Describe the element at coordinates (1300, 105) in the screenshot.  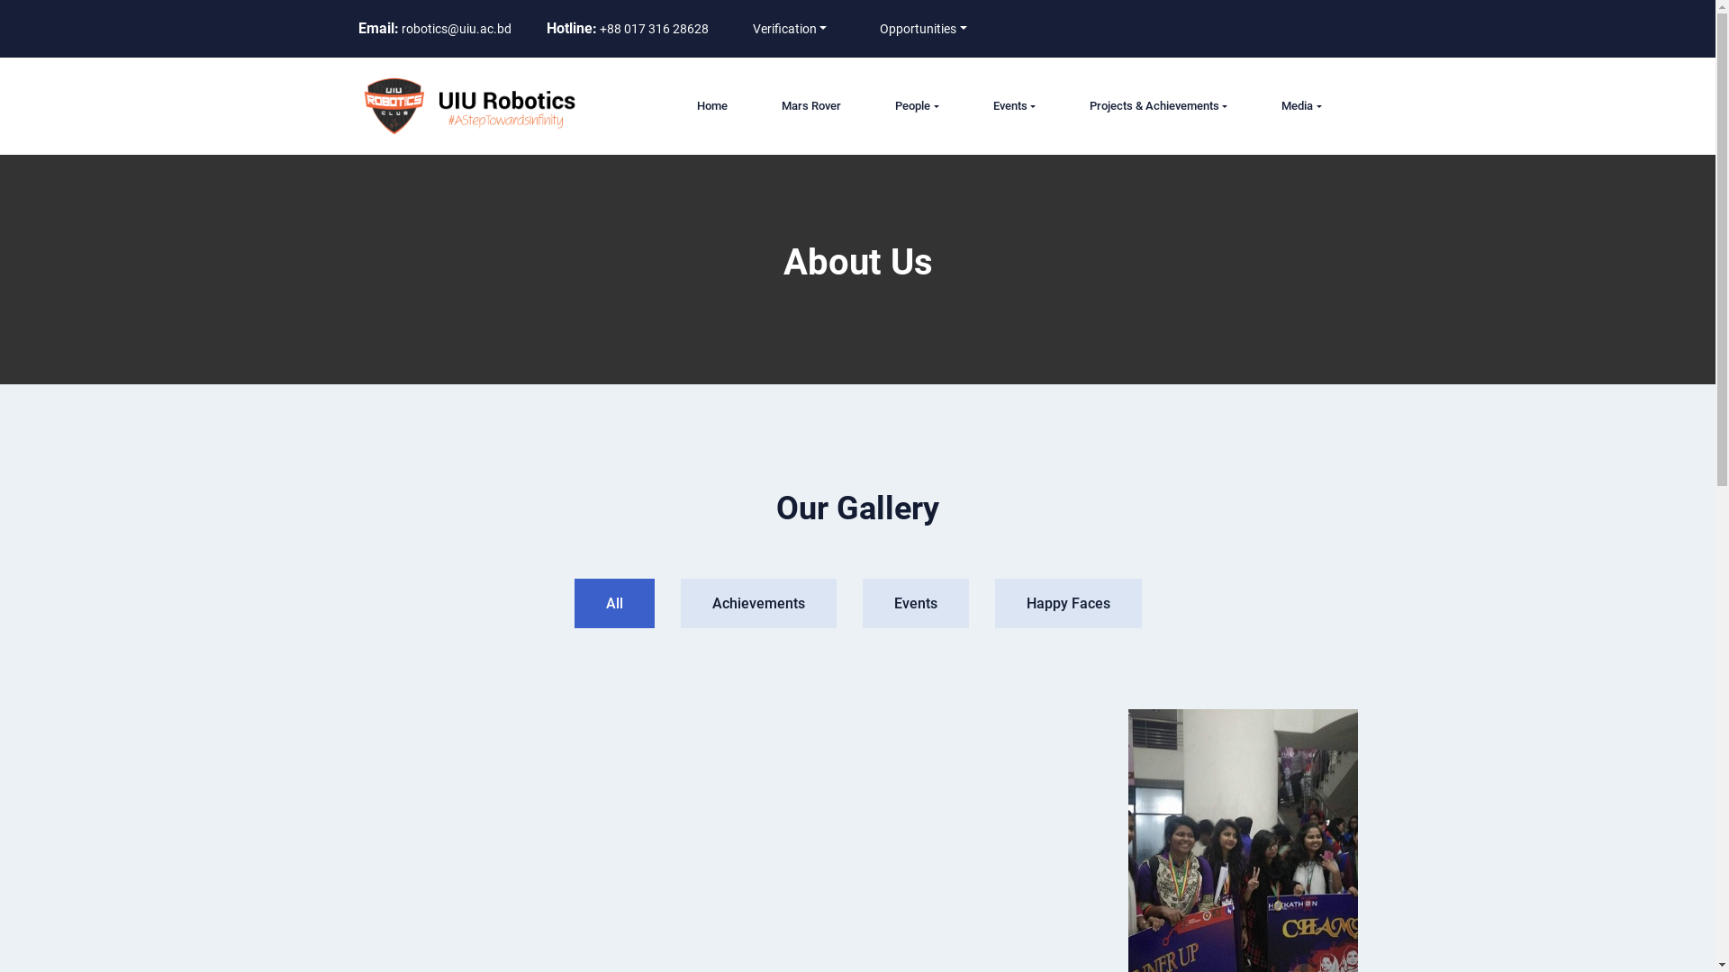
I see `'Media'` at that location.